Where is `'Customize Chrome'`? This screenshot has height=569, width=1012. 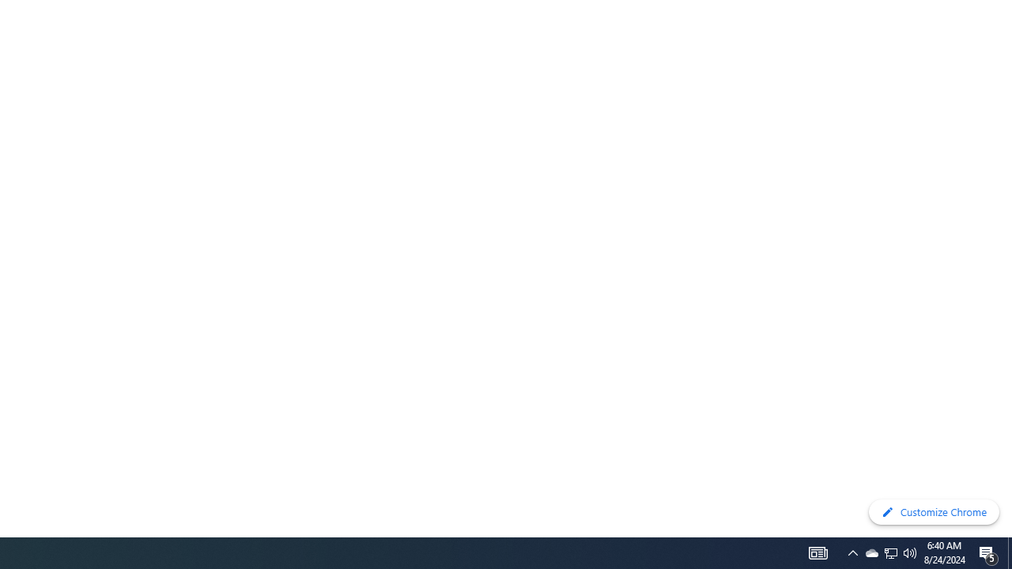
'Customize Chrome' is located at coordinates (934, 512).